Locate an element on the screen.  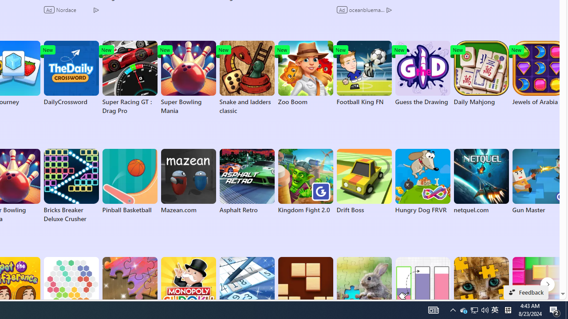
'Puzzle next page' is located at coordinates (547, 284).